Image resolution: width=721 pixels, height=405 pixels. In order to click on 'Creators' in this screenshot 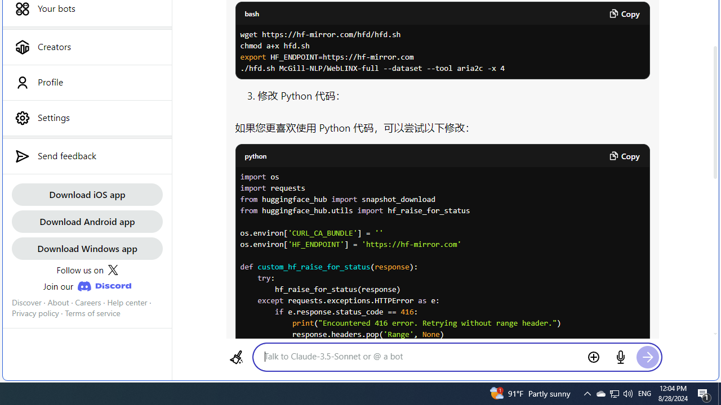, I will do `click(86, 46)`.